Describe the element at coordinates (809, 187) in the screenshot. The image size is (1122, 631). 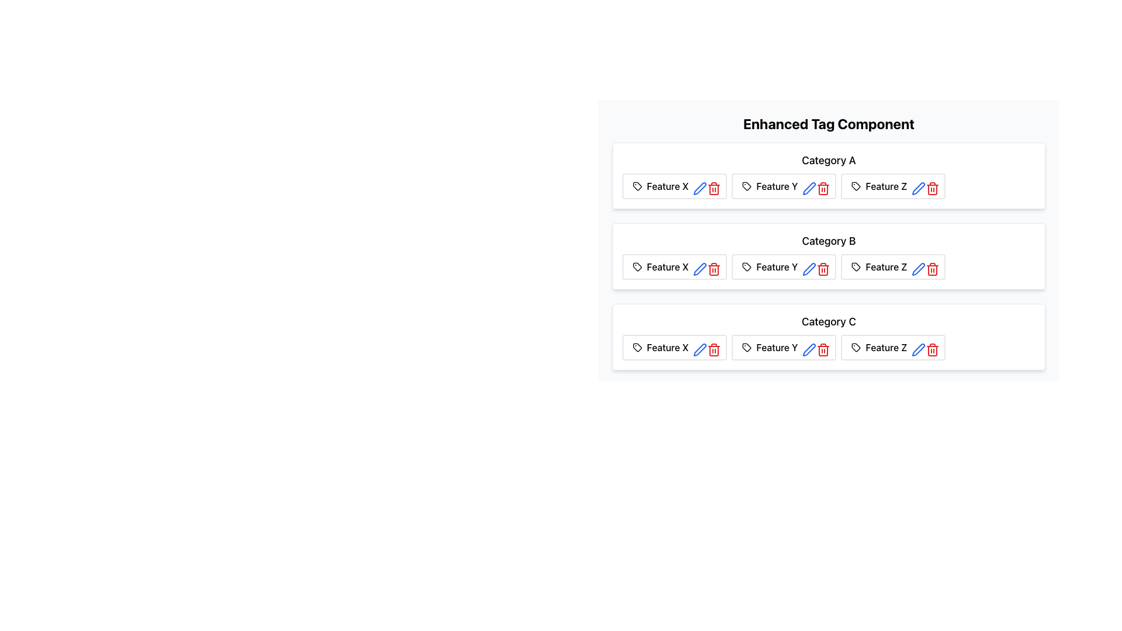
I see `the blue pen icon button associated with 'Feature Y' in the 'Category A' feature row` at that location.